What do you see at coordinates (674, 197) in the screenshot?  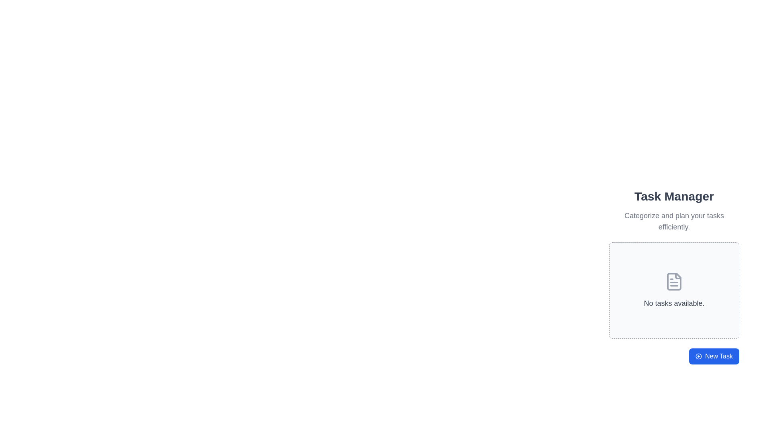 I see `text label displaying 'Task Manager' which is a bold and large dark gray text positioned above the subtitle` at bounding box center [674, 197].